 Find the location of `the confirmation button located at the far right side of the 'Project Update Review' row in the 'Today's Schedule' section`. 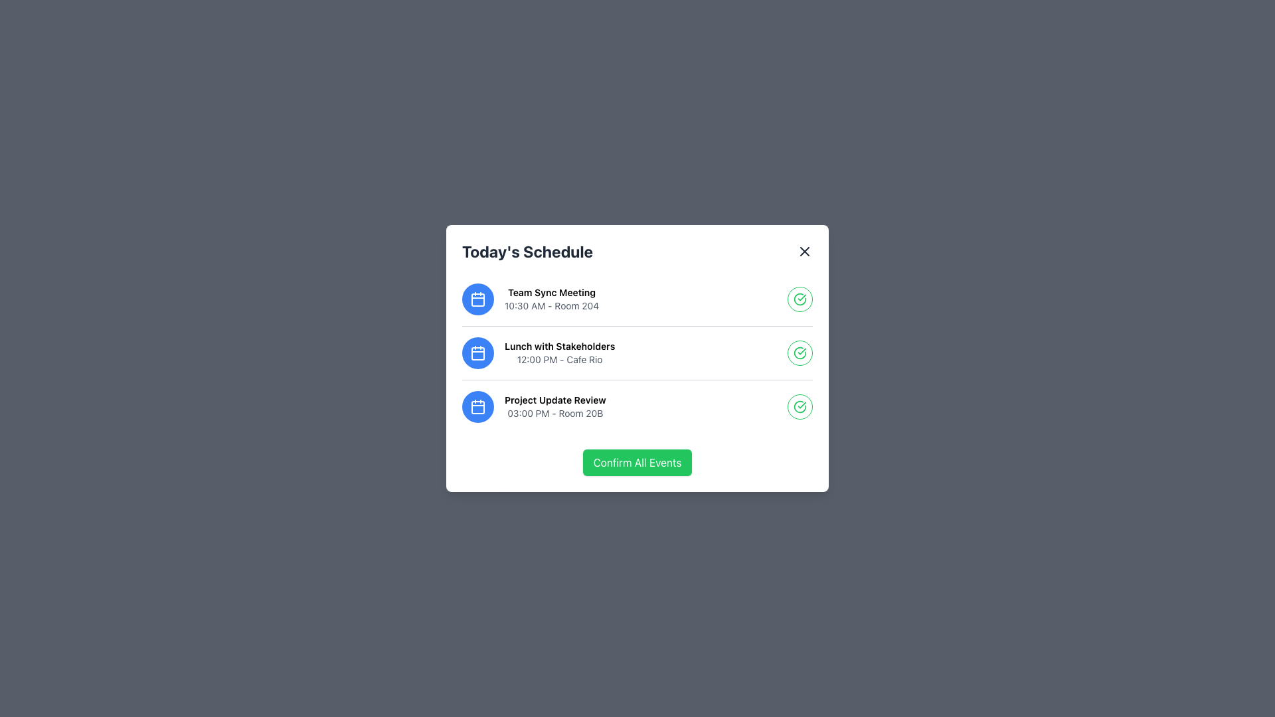

the confirmation button located at the far right side of the 'Project Update Review' row in the 'Today's Schedule' section is located at coordinates (799, 406).